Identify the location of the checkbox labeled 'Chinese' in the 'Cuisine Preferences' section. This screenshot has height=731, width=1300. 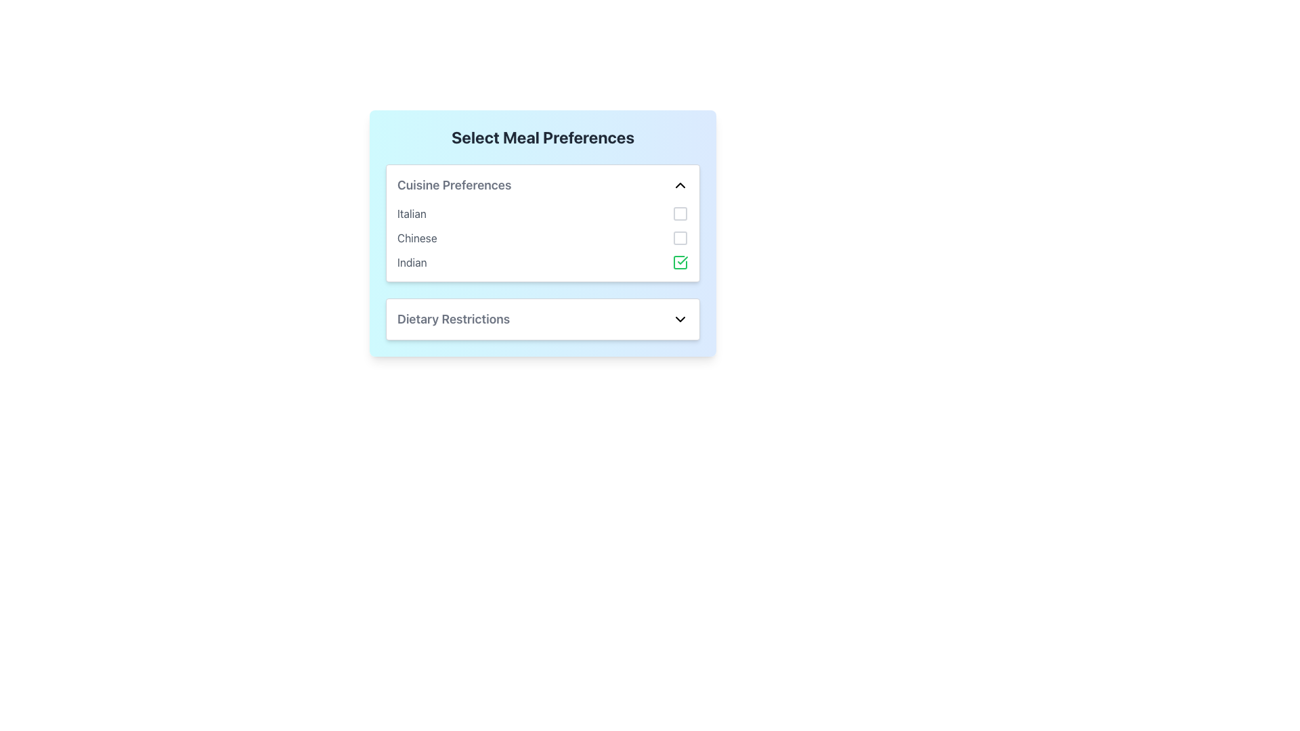
(680, 237).